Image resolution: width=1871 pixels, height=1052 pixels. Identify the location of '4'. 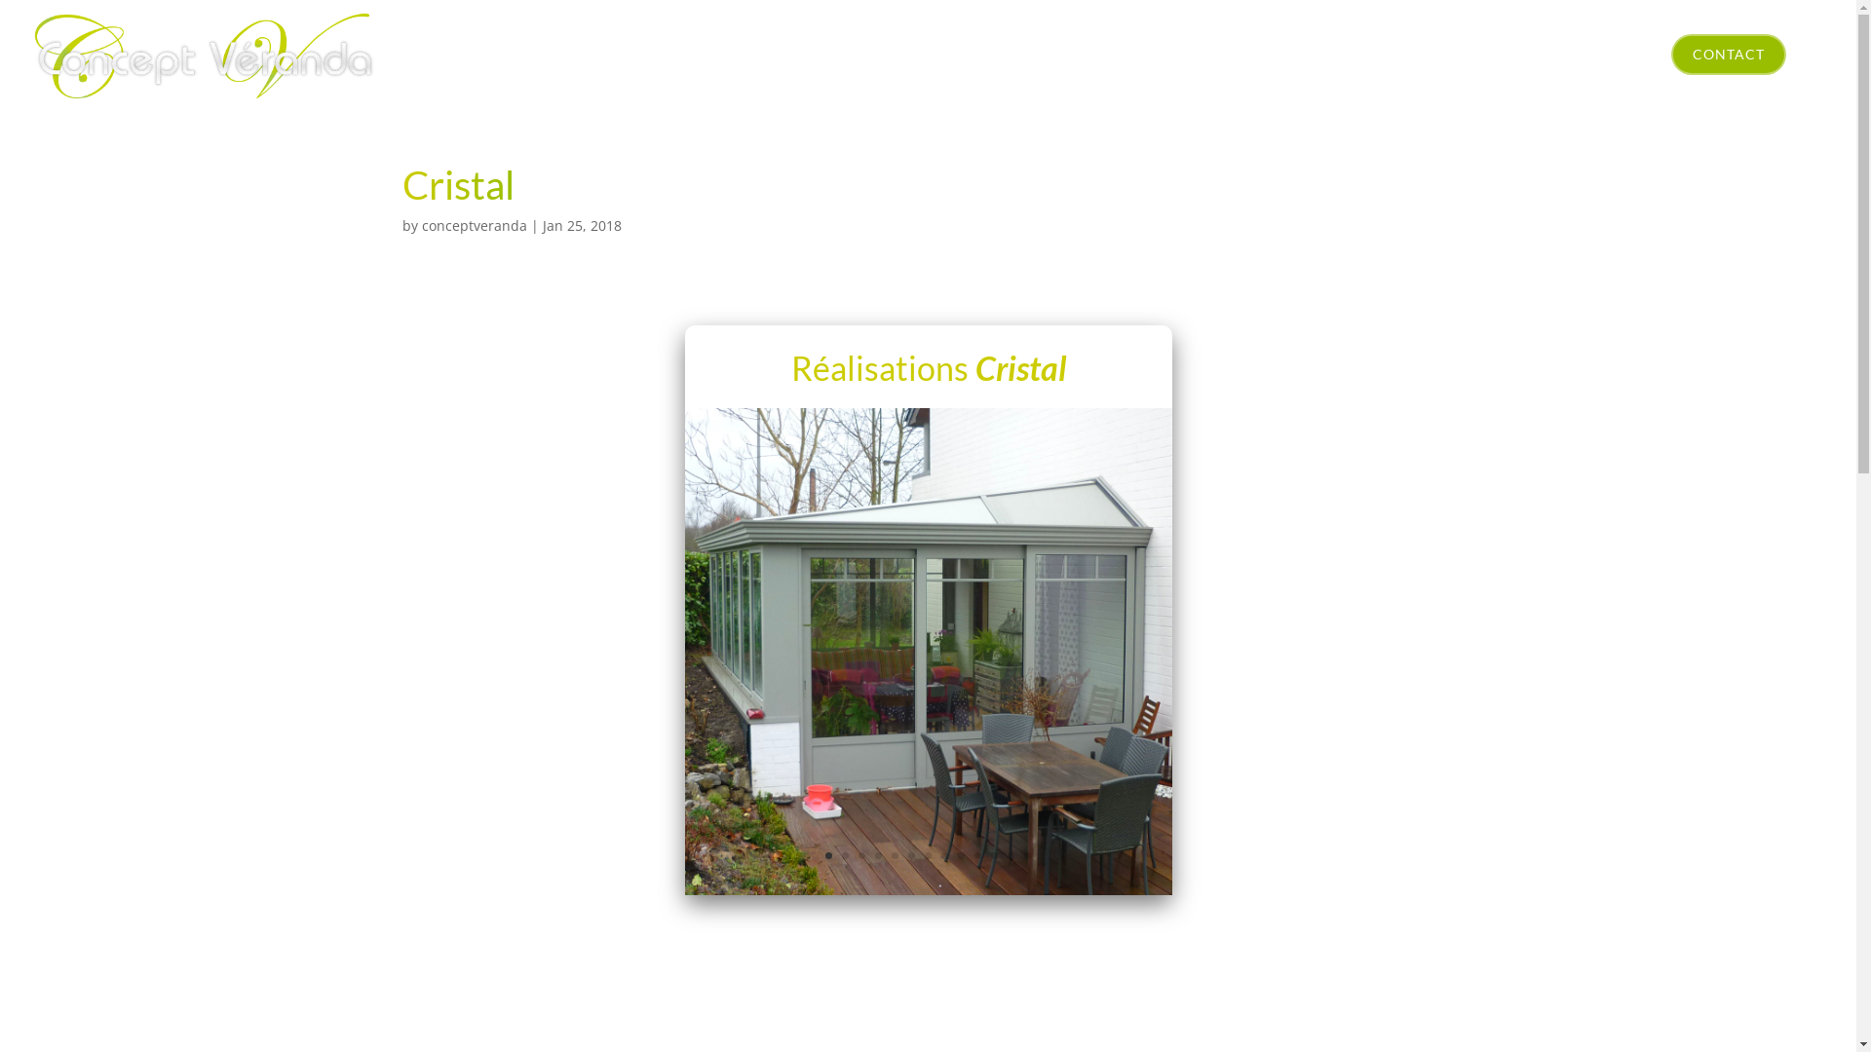
(873, 854).